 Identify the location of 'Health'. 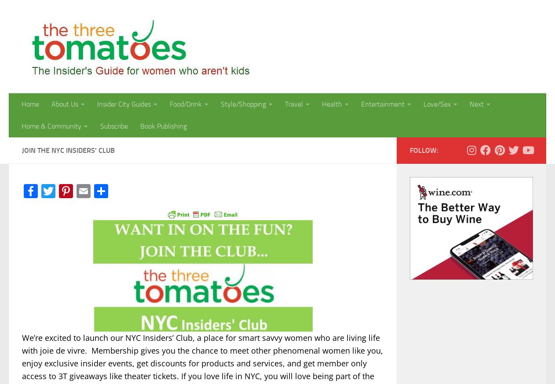
(332, 103).